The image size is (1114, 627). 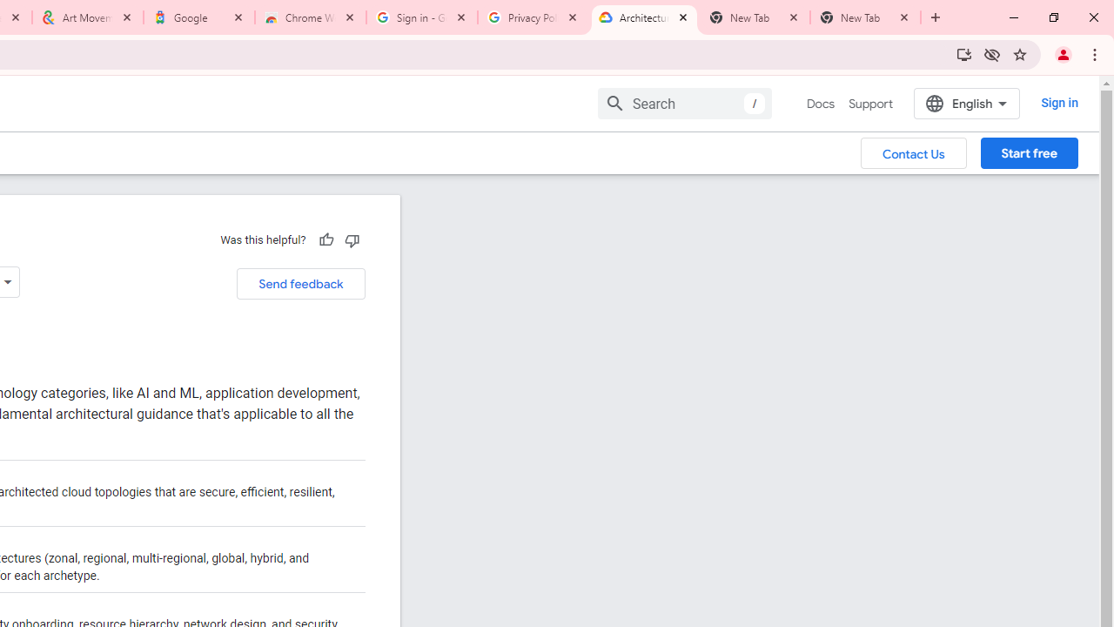 I want to click on 'Send feedback', so click(x=300, y=283).